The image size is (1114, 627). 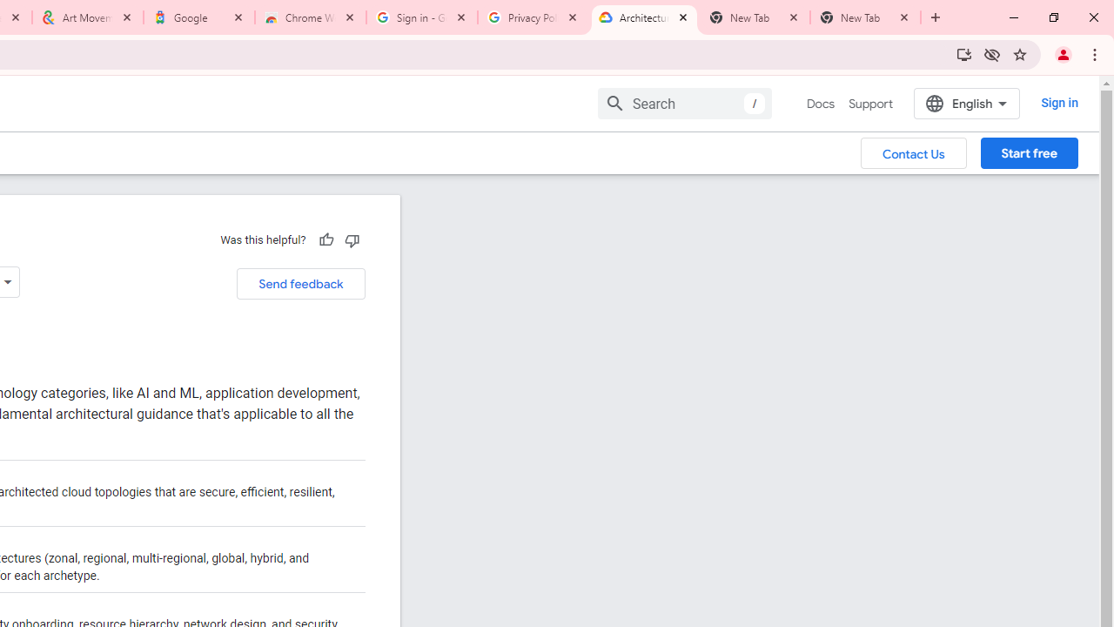 I want to click on 'Send feedback', so click(x=300, y=283).